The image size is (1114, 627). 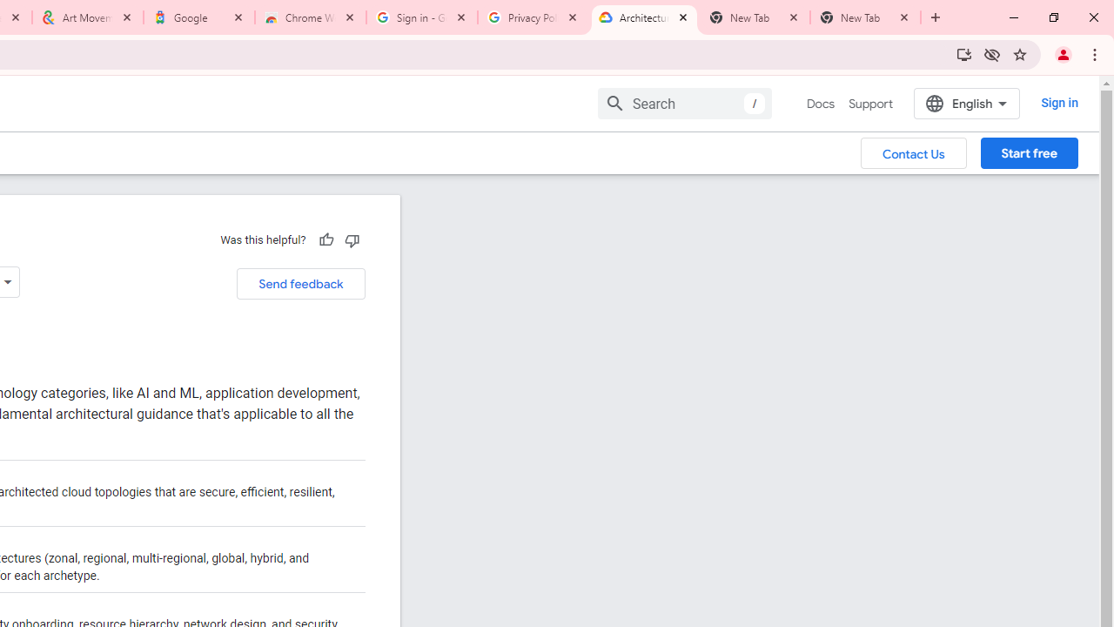 I want to click on 'Send feedback', so click(x=300, y=283).